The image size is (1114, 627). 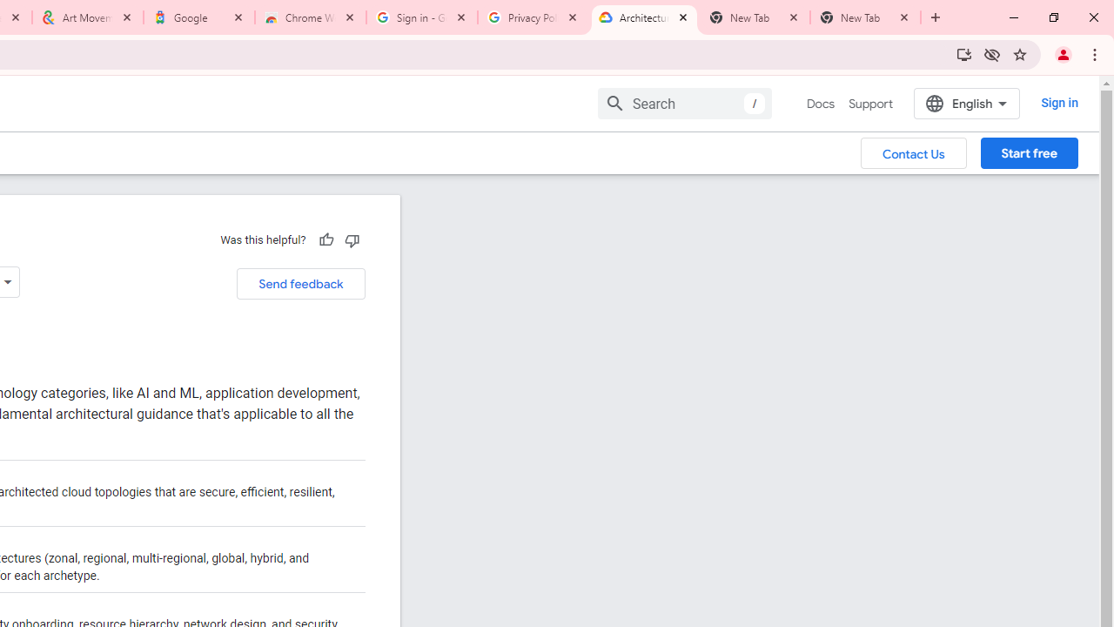 I want to click on 'Send feedback', so click(x=300, y=283).